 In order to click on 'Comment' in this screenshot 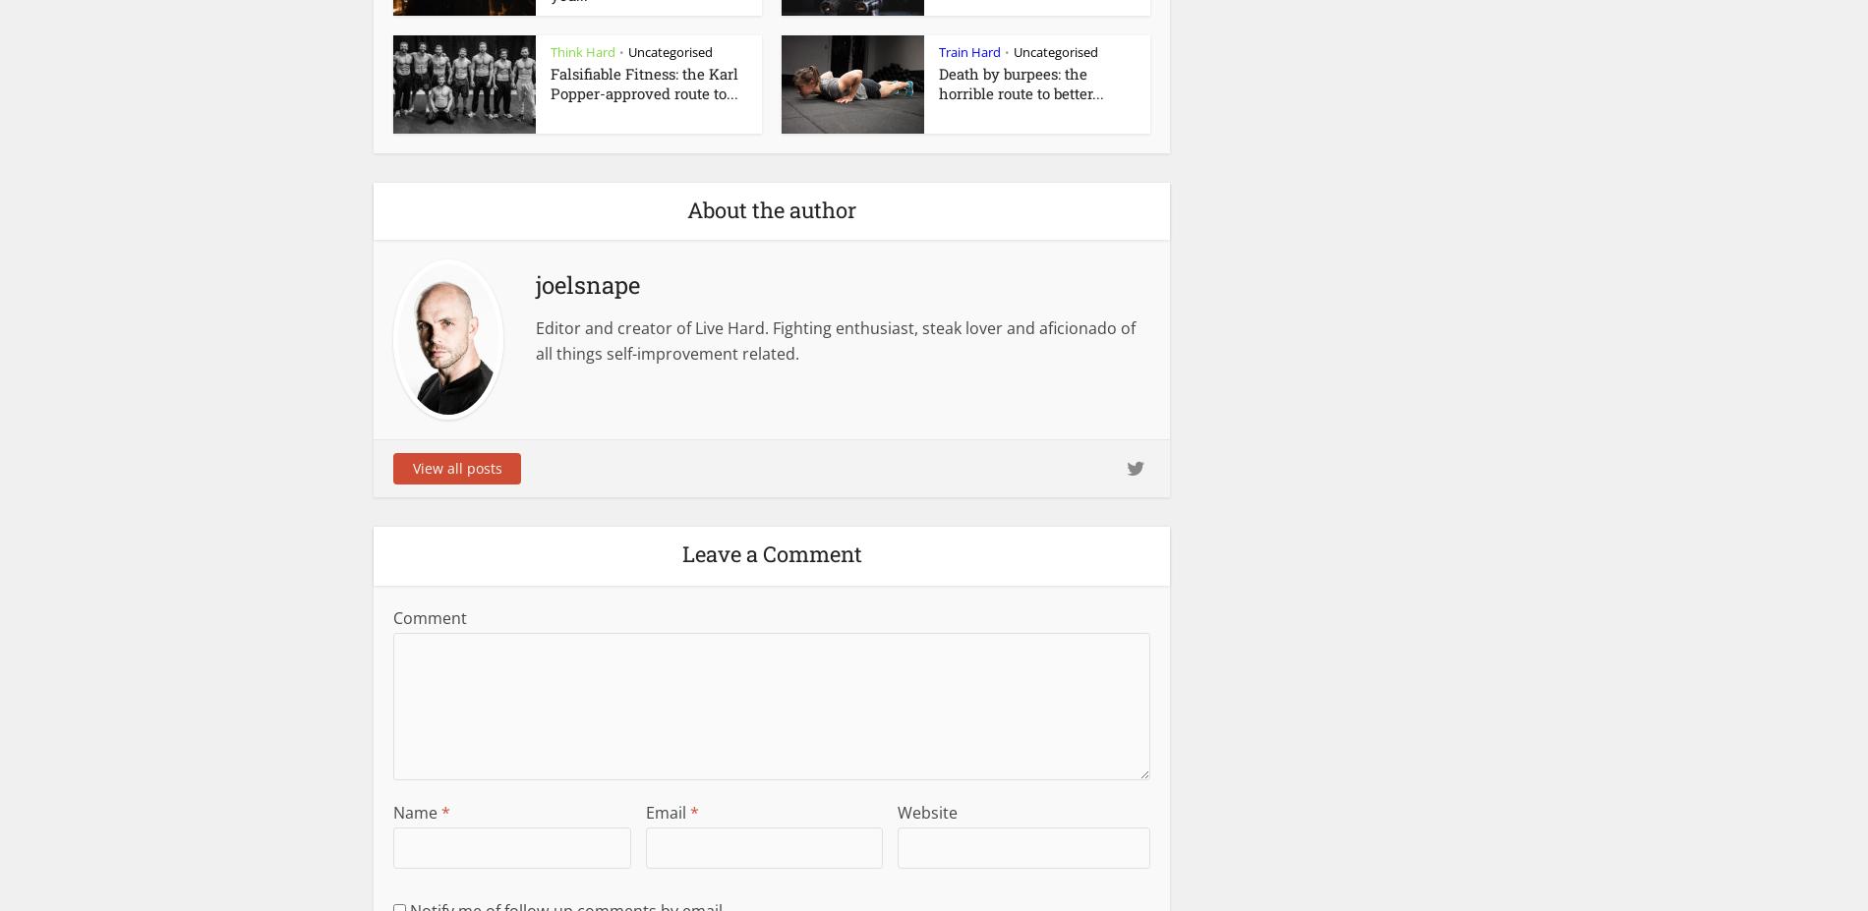, I will do `click(429, 616)`.